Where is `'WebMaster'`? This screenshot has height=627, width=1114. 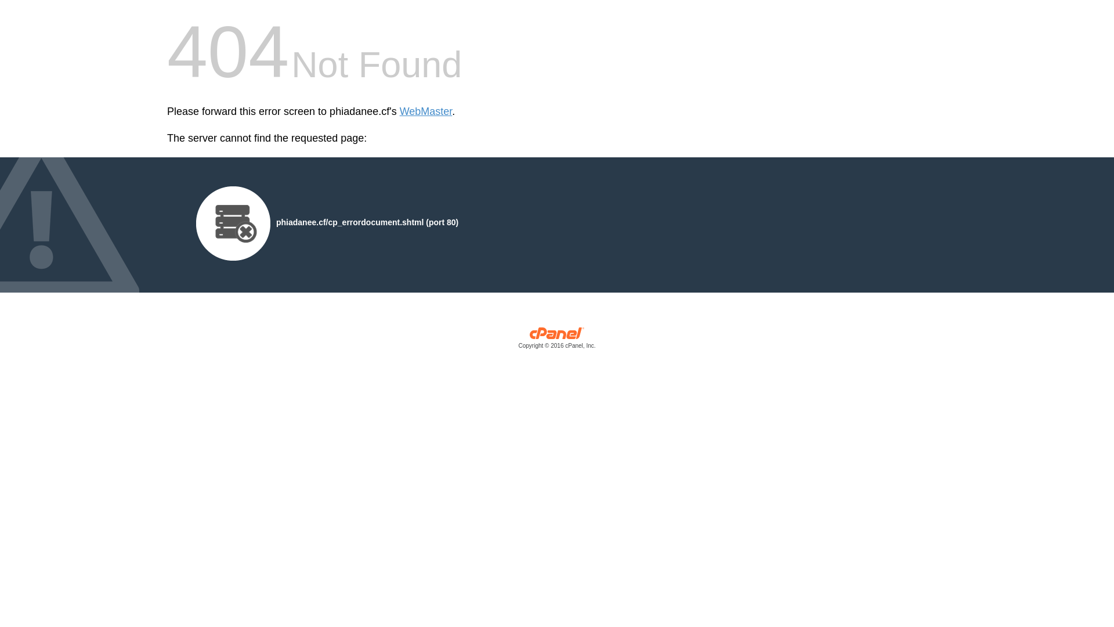 'WebMaster' is located at coordinates (400, 111).